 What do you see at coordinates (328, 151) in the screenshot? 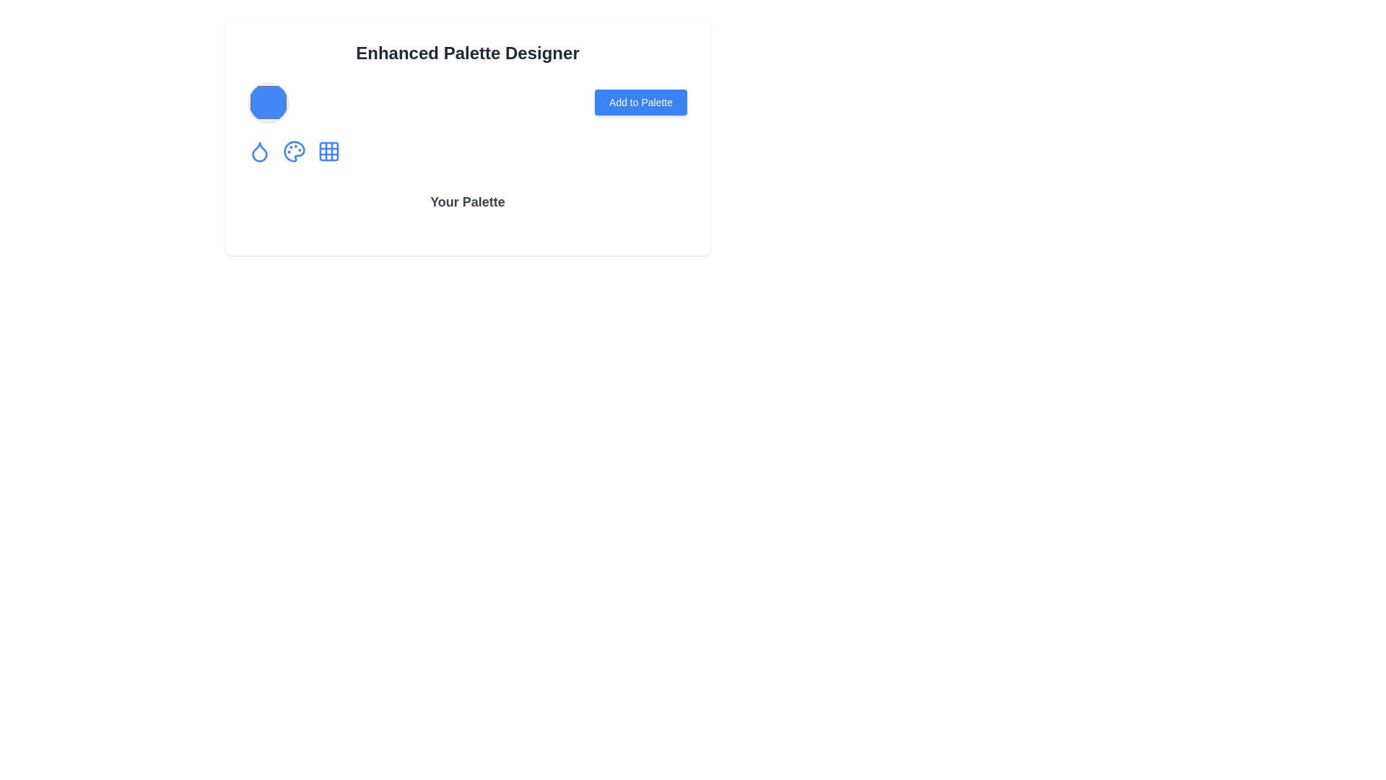
I see `the grid icon with a blue outline and rounded corners, the fourth icon from the left under the 'Enhanced Palette Designer' heading` at bounding box center [328, 151].